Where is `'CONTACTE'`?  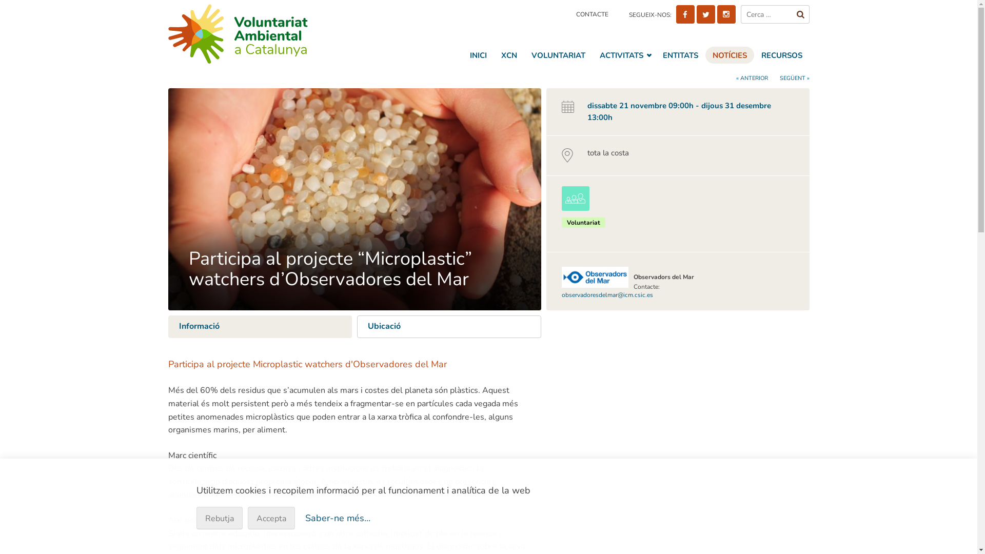
'CONTACTE' is located at coordinates (592, 14).